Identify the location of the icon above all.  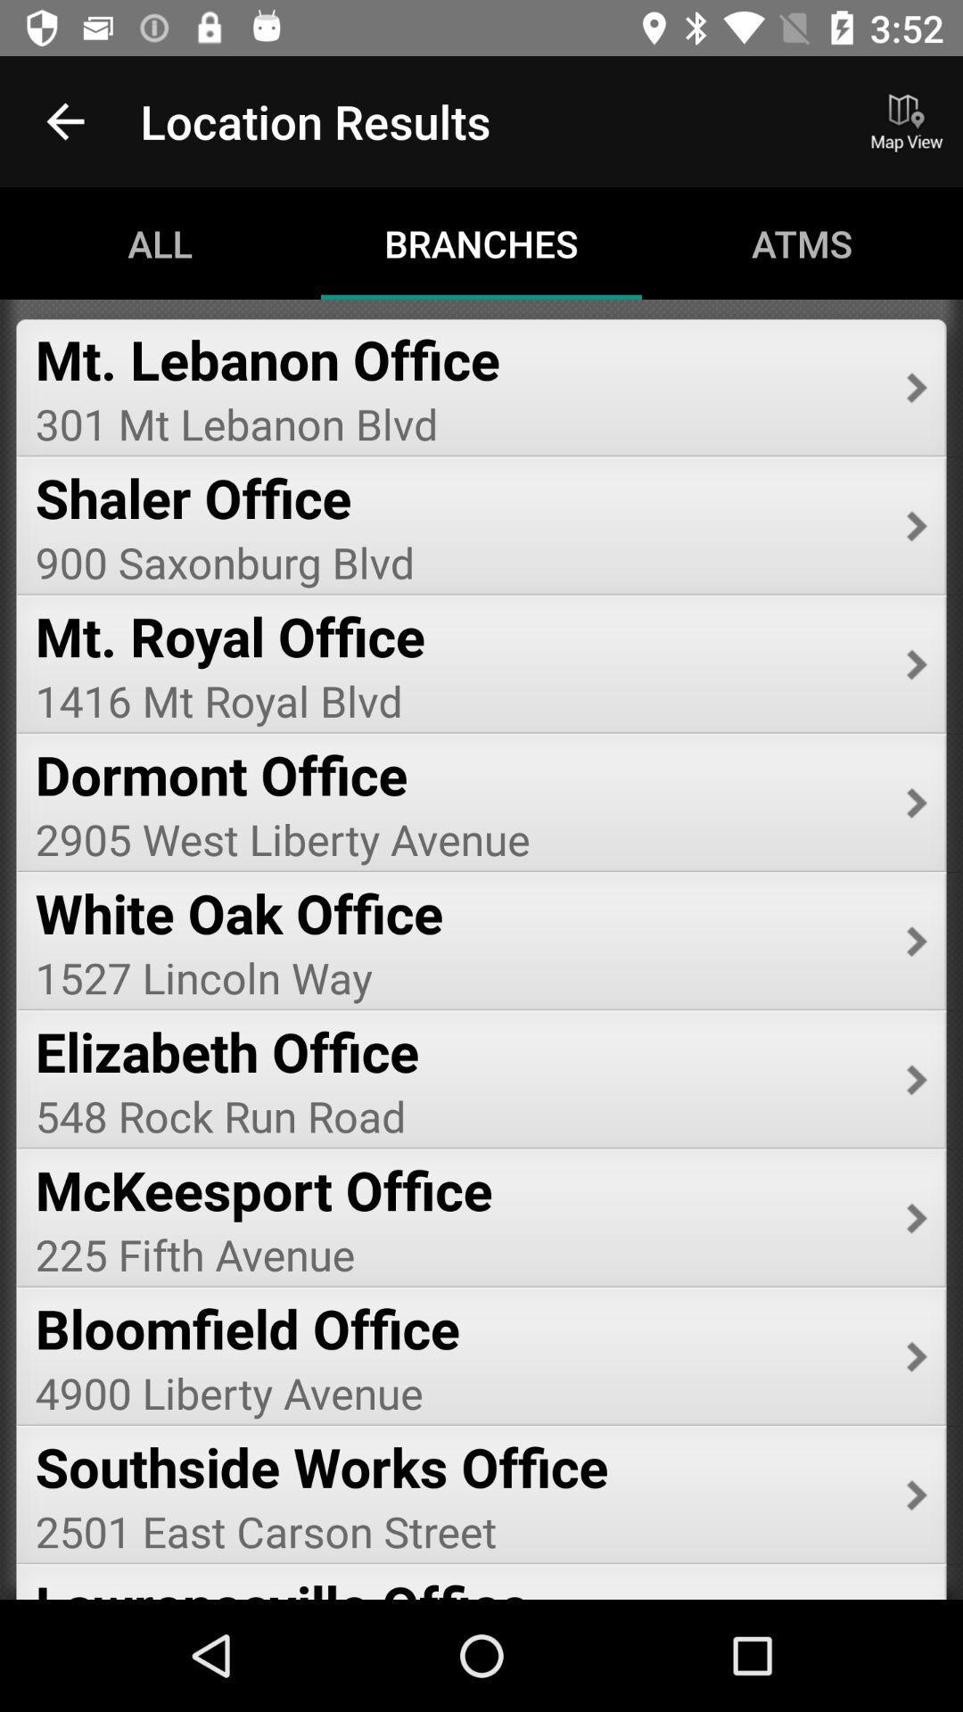
(64, 120).